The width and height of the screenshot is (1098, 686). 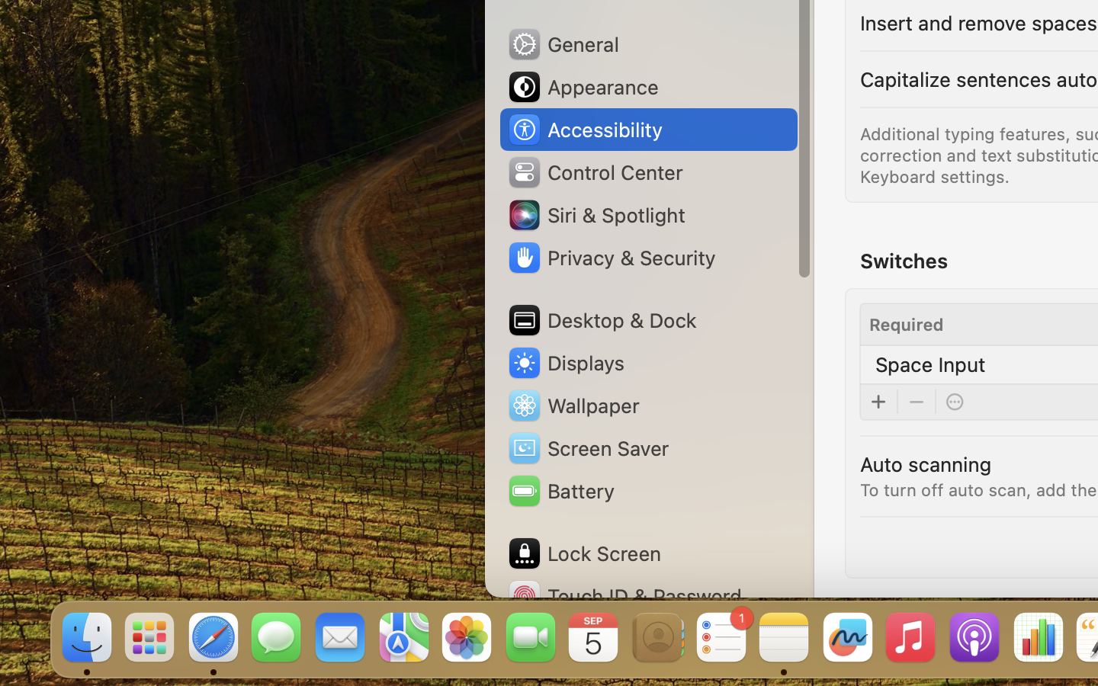 I want to click on 'Wallpaper', so click(x=571, y=404).